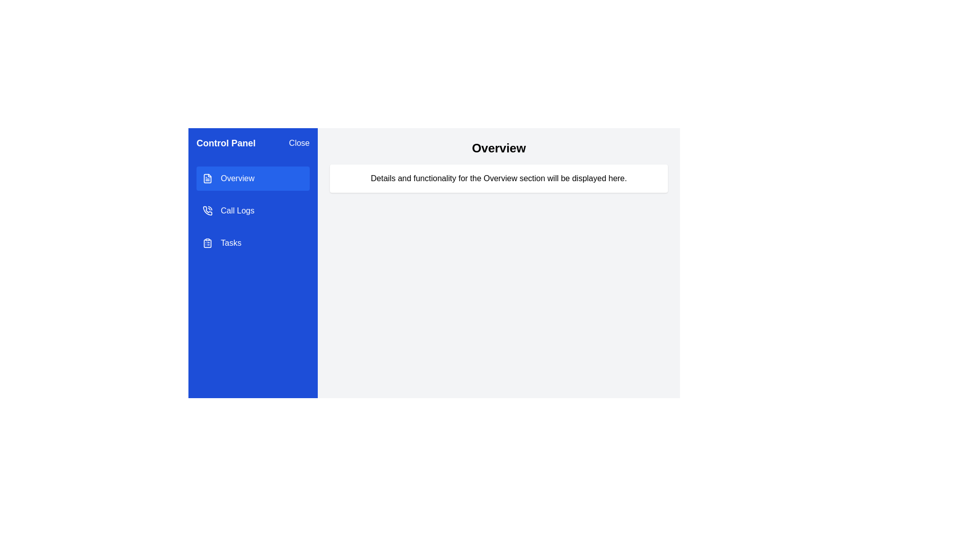  What do you see at coordinates (253, 178) in the screenshot?
I see `the menu item Overview from the sidebar` at bounding box center [253, 178].